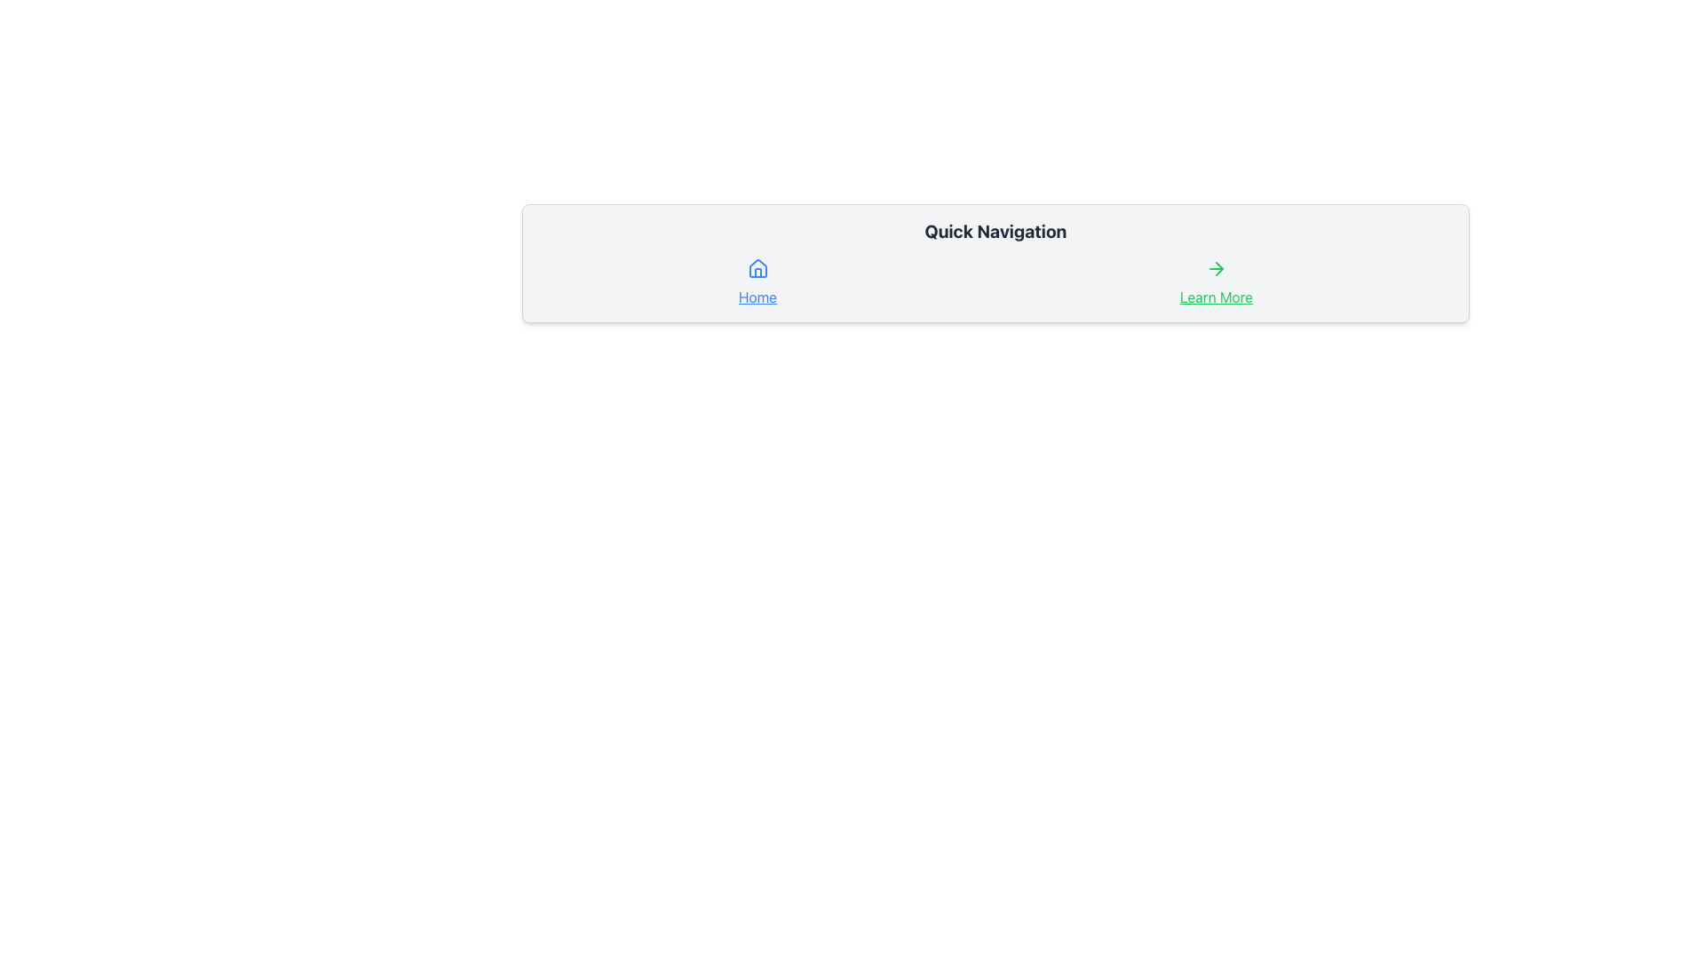 Image resolution: width=1705 pixels, height=959 pixels. Describe the element at coordinates (1215, 282) in the screenshot. I see `the 'Learn More' hyperlink element, which is displayed in green text with an underline and is accompanied by a green rightward arrow icon` at that location.